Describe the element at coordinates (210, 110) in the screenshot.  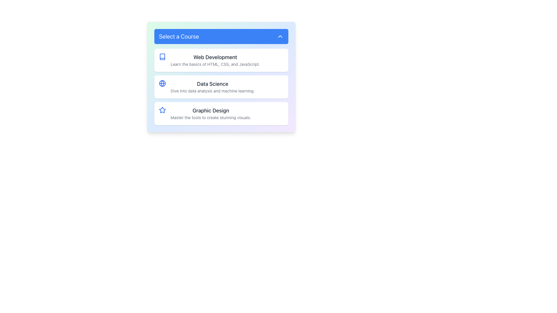
I see `text 'Graphic Design' from the course selection context, which is displayed in a medium-sized, bold, grayish-black font, located at the top of the third course card in the 'Select a Course' section` at that location.